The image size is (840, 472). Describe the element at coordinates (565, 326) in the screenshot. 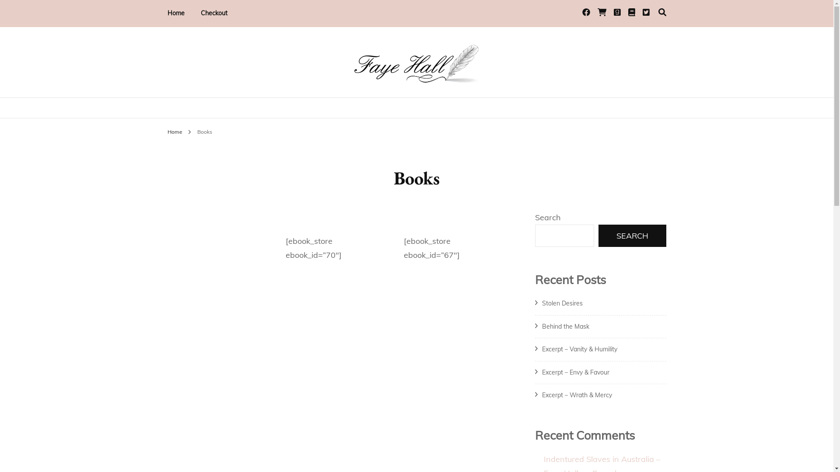

I see `'Behind the Mask'` at that location.